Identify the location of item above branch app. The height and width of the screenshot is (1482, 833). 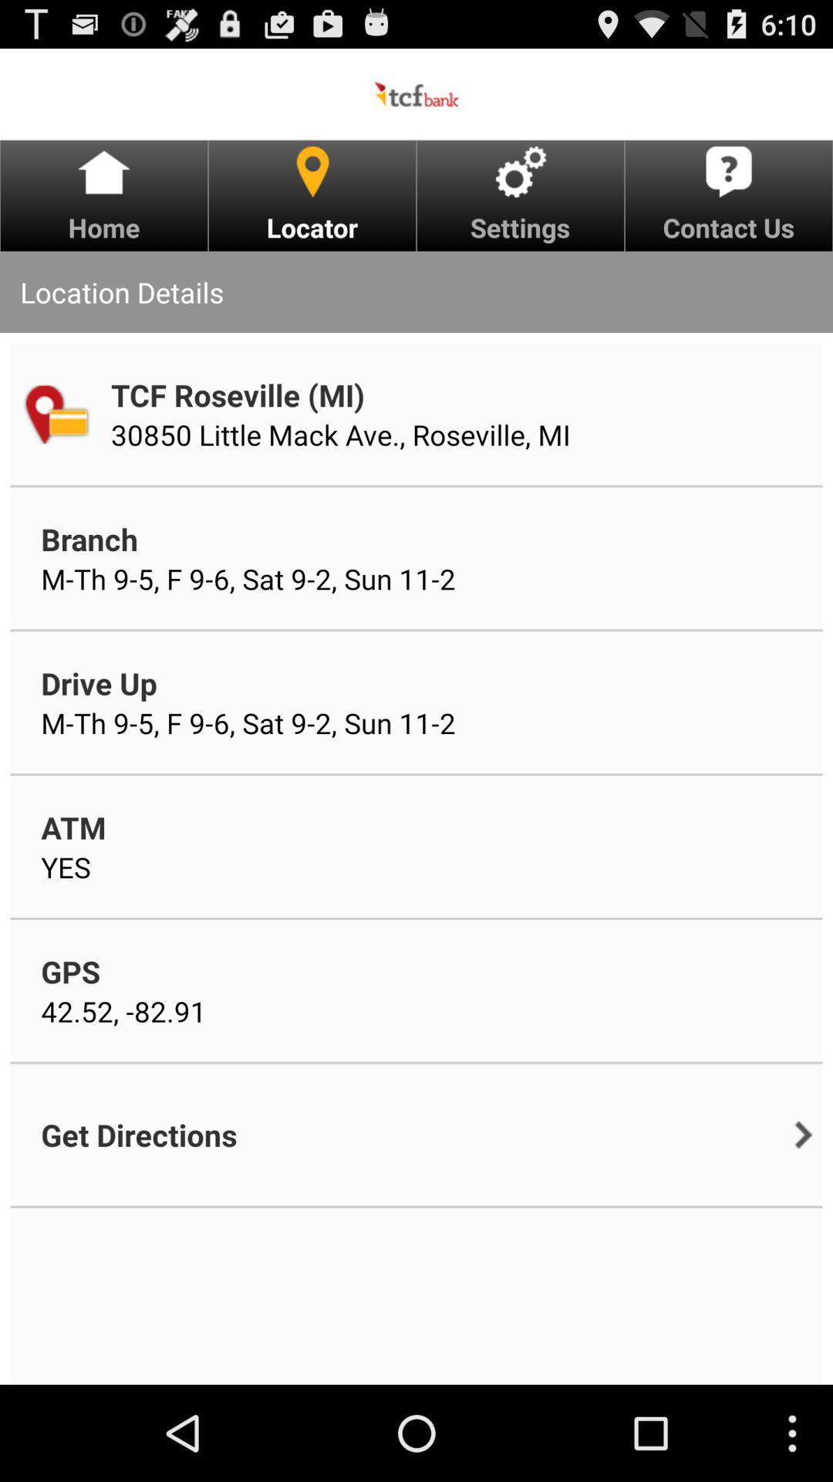
(339, 434).